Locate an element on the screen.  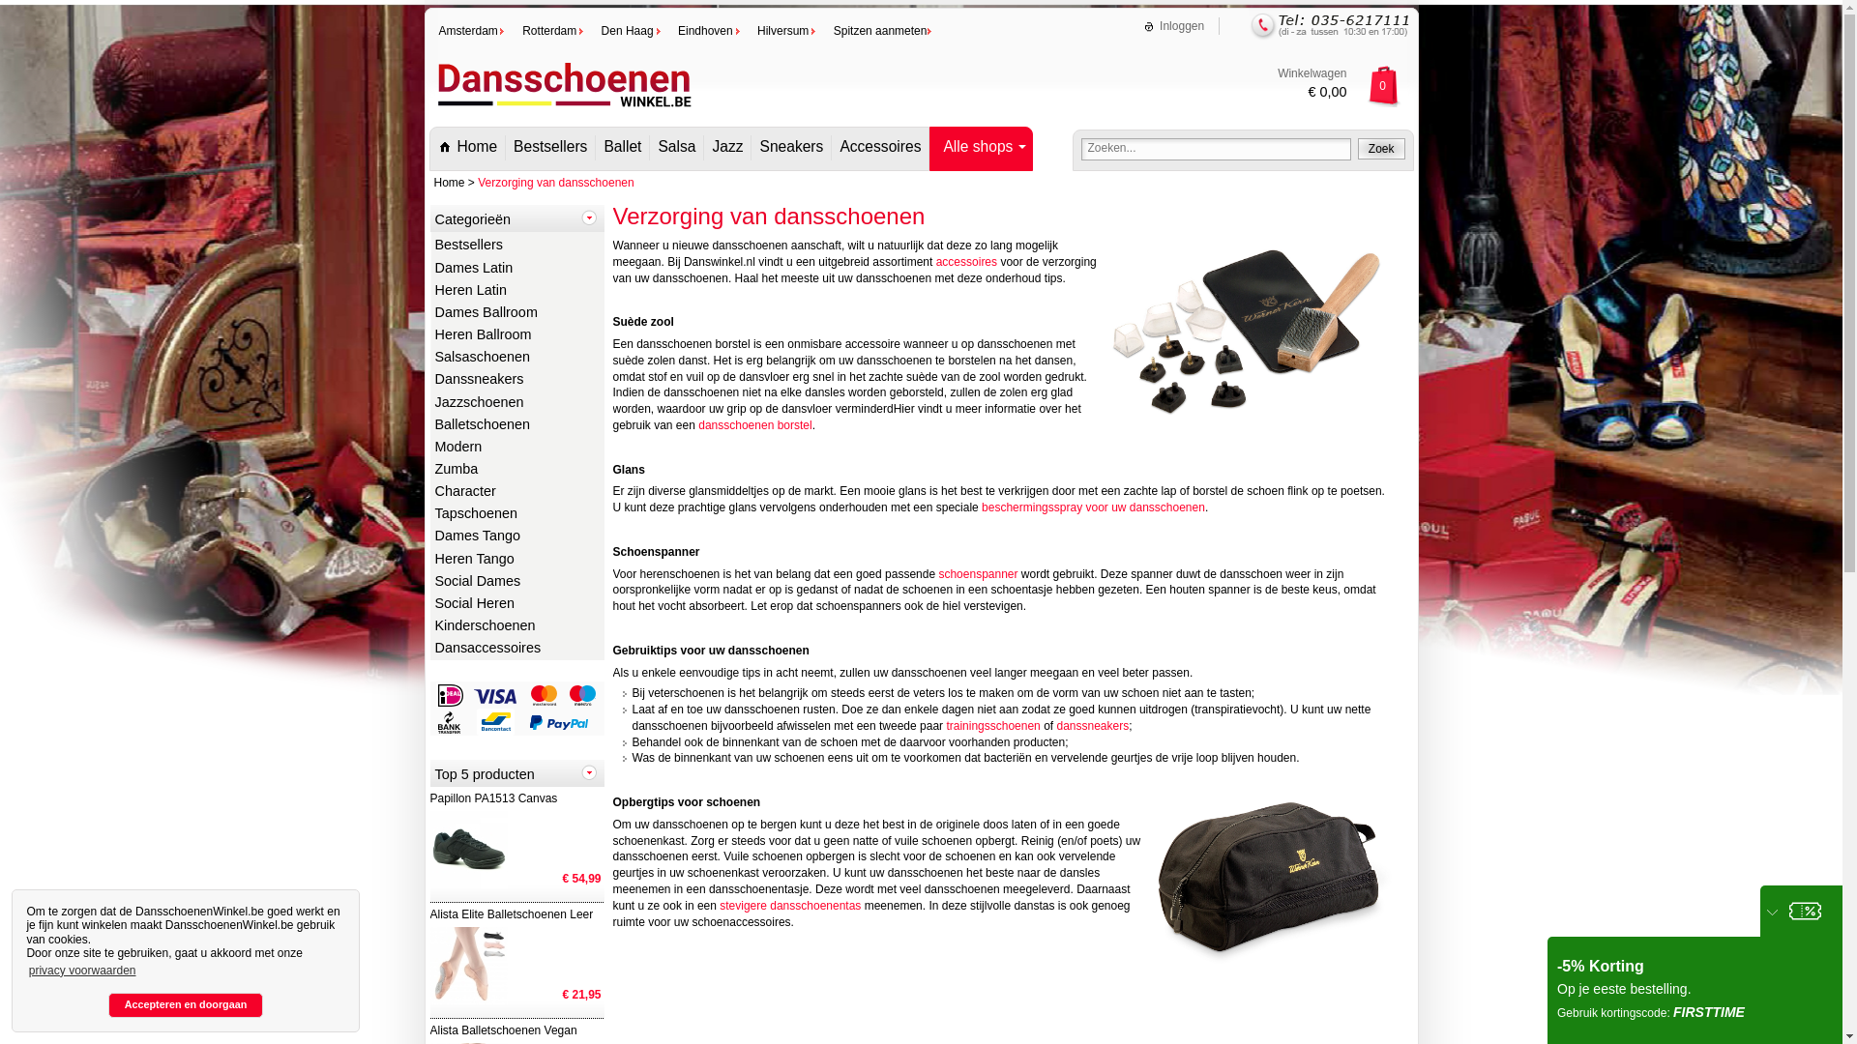
'danssneakers' is located at coordinates (1092, 726).